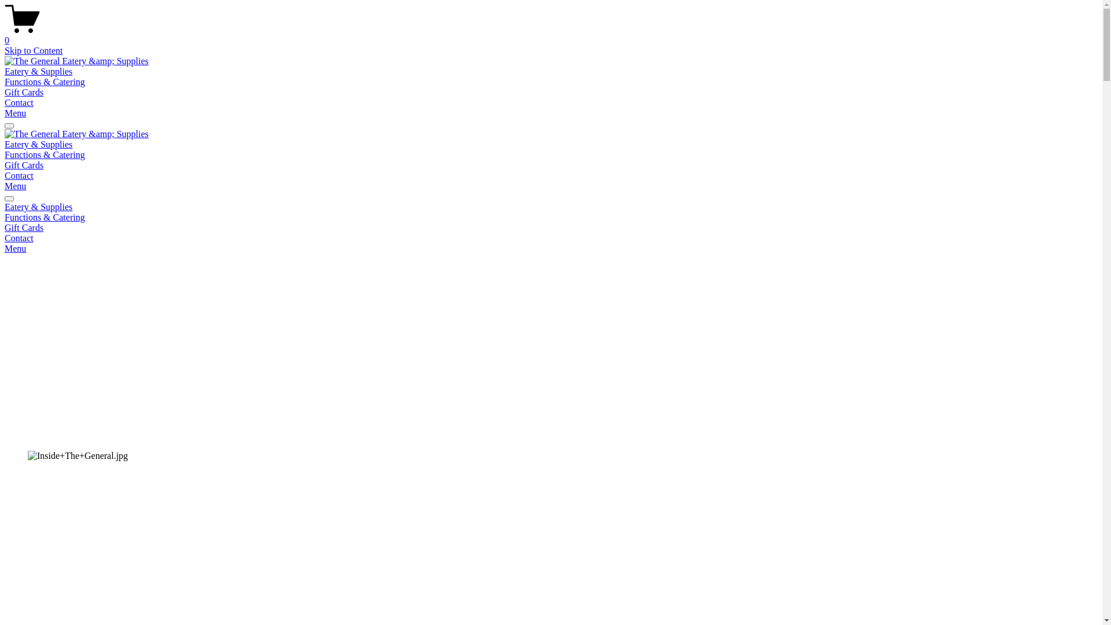 This screenshot has height=625, width=1111. I want to click on 'Menu', so click(15, 248).